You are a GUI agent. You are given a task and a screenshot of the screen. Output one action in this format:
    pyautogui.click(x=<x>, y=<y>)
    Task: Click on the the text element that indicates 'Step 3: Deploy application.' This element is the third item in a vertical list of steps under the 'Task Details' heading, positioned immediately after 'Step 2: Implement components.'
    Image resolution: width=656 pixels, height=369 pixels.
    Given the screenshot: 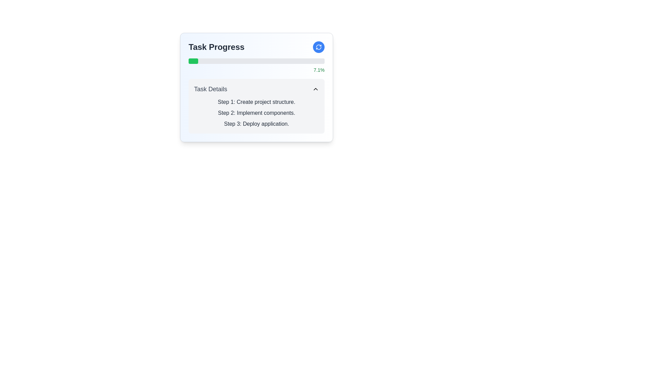 What is the action you would take?
    pyautogui.click(x=256, y=124)
    